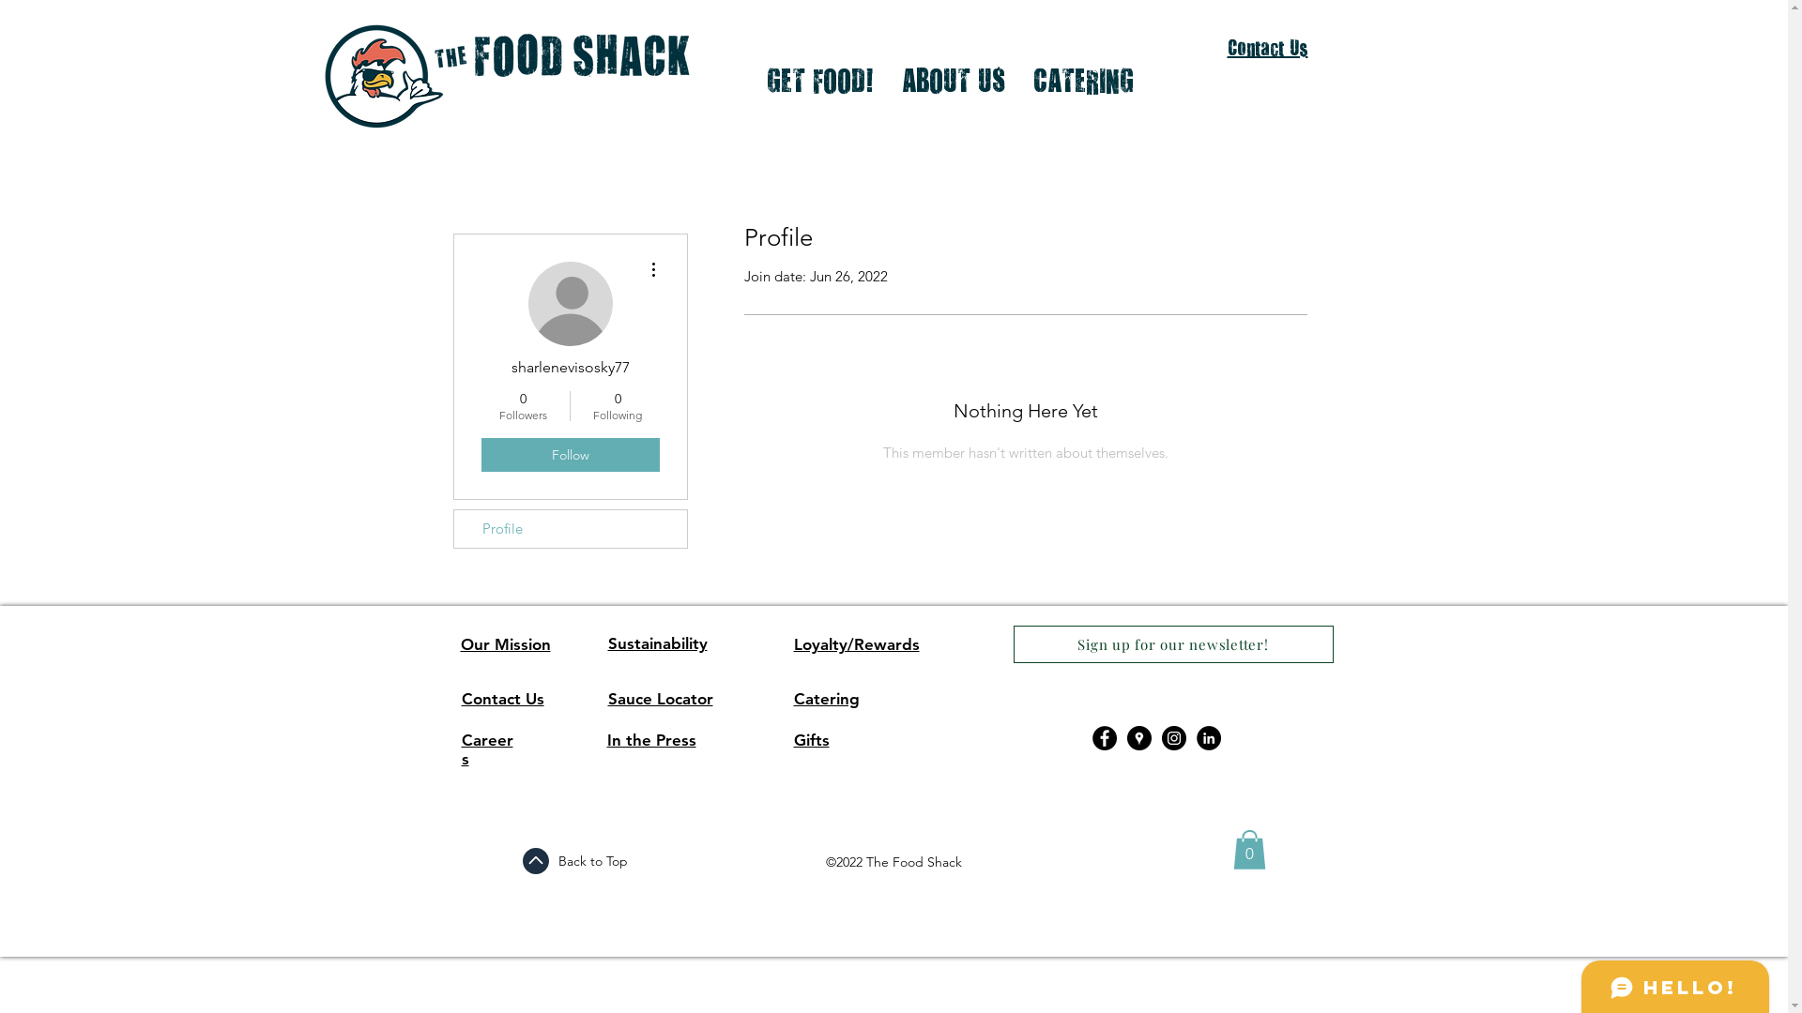 The width and height of the screenshot is (1802, 1013). I want to click on 'Contact Us', so click(1267, 47).